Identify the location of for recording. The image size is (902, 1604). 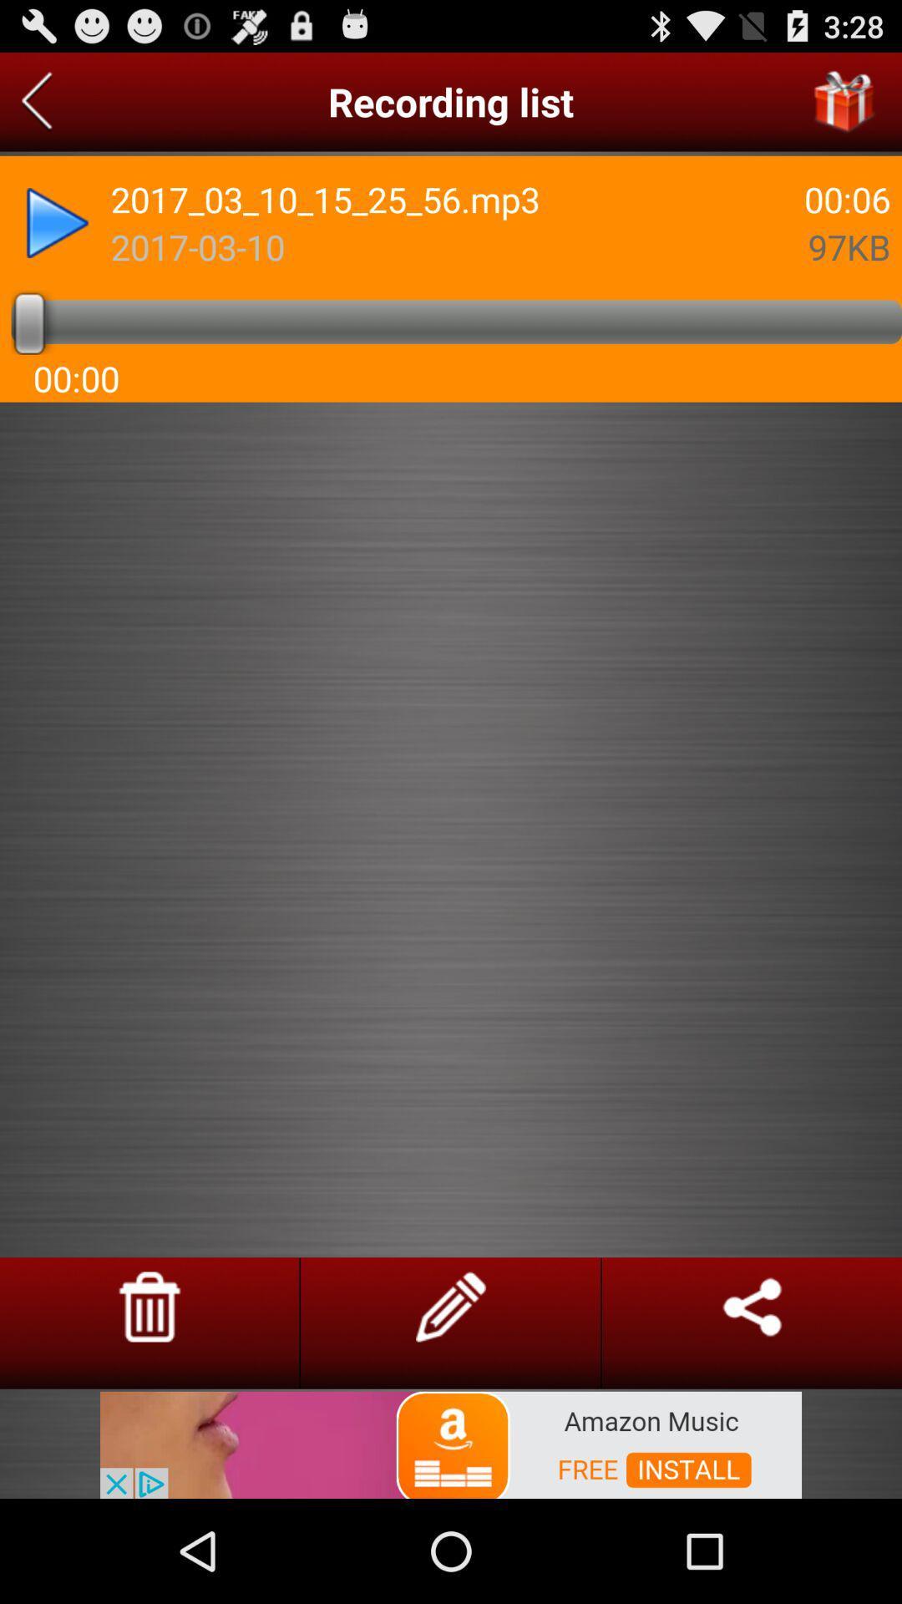
(37, 101).